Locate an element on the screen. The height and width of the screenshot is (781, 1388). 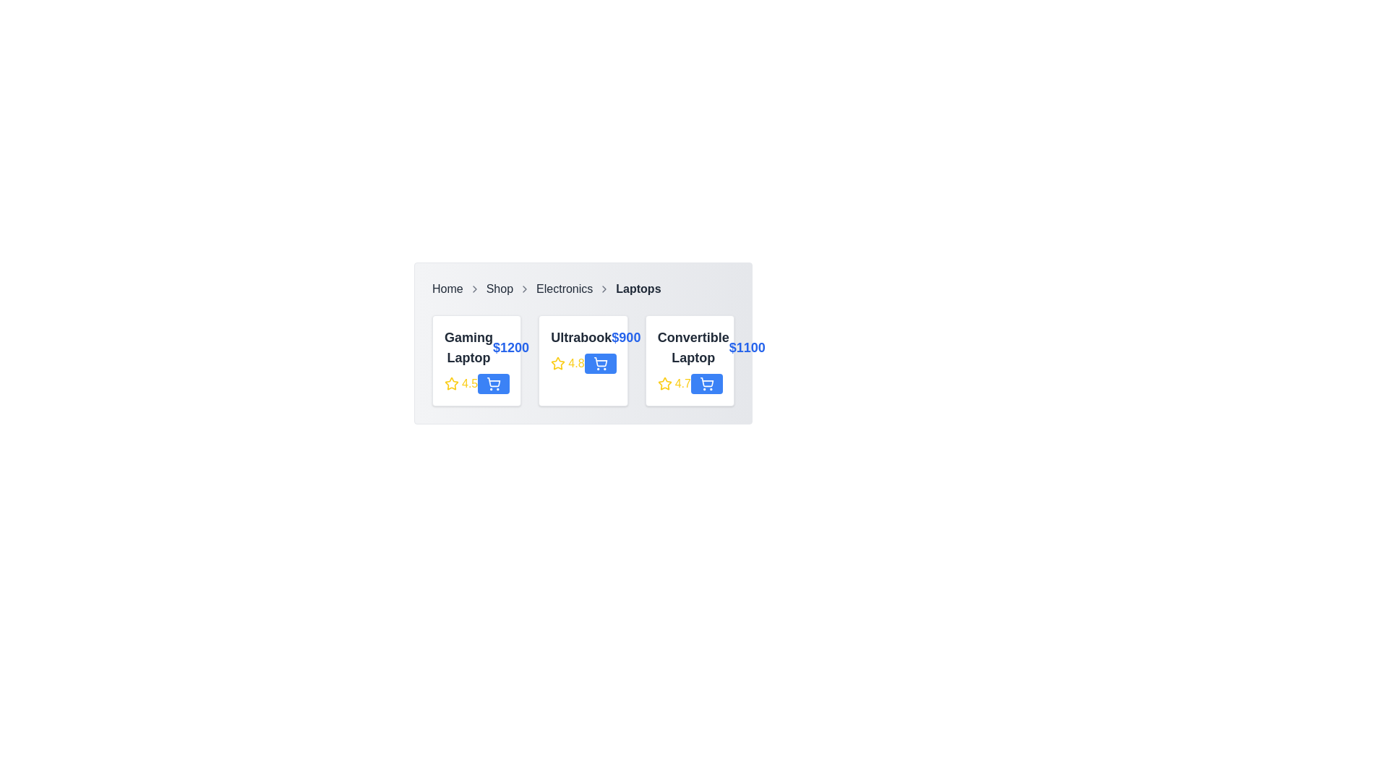
the third right-pointing chevron icon in the breadcrumb navigation bar, located between 'Shop' and 'Electronics' is located at coordinates (524, 289).